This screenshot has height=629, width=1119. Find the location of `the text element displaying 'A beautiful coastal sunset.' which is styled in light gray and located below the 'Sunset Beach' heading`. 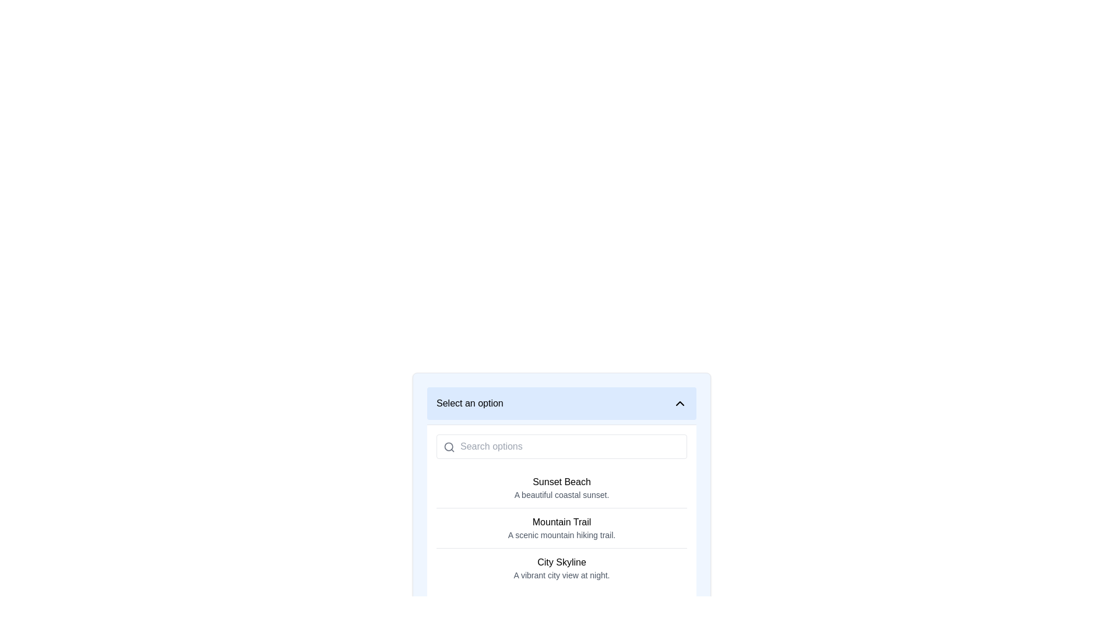

the text element displaying 'A beautiful coastal sunset.' which is styled in light gray and located below the 'Sunset Beach' heading is located at coordinates (562, 494).